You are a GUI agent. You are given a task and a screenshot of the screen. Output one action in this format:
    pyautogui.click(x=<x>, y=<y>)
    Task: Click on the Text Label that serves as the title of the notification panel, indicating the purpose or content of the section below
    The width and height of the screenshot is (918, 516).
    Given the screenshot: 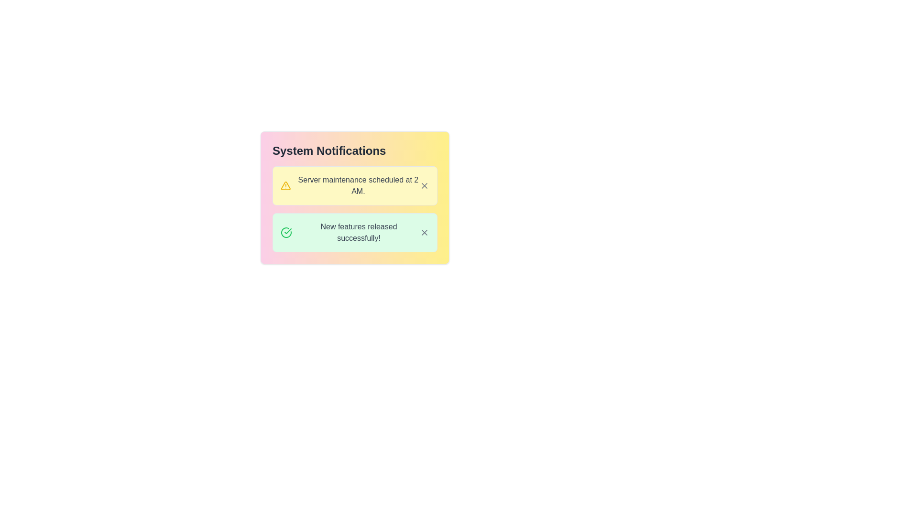 What is the action you would take?
    pyautogui.click(x=354, y=150)
    